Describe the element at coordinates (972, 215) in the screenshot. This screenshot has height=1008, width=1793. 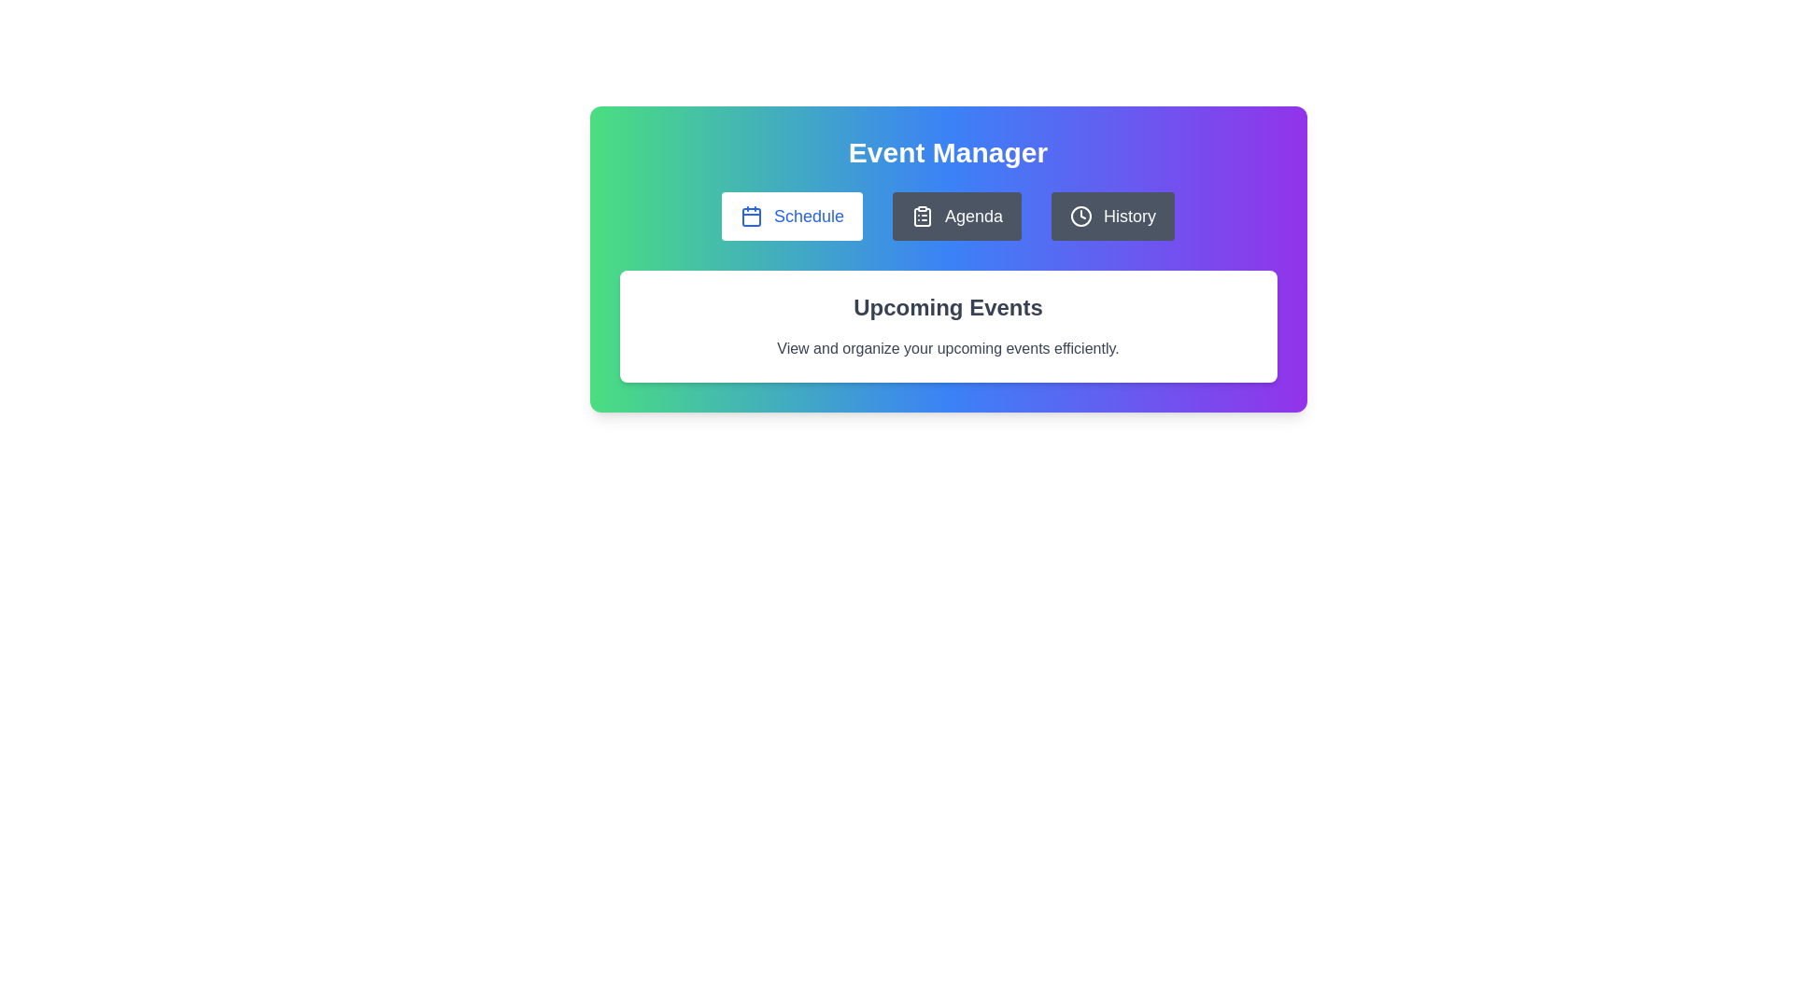
I see `the 'Agenda' button, which has a dark gray background and is positioned between the 'Schedule' and 'History' buttons` at that location.